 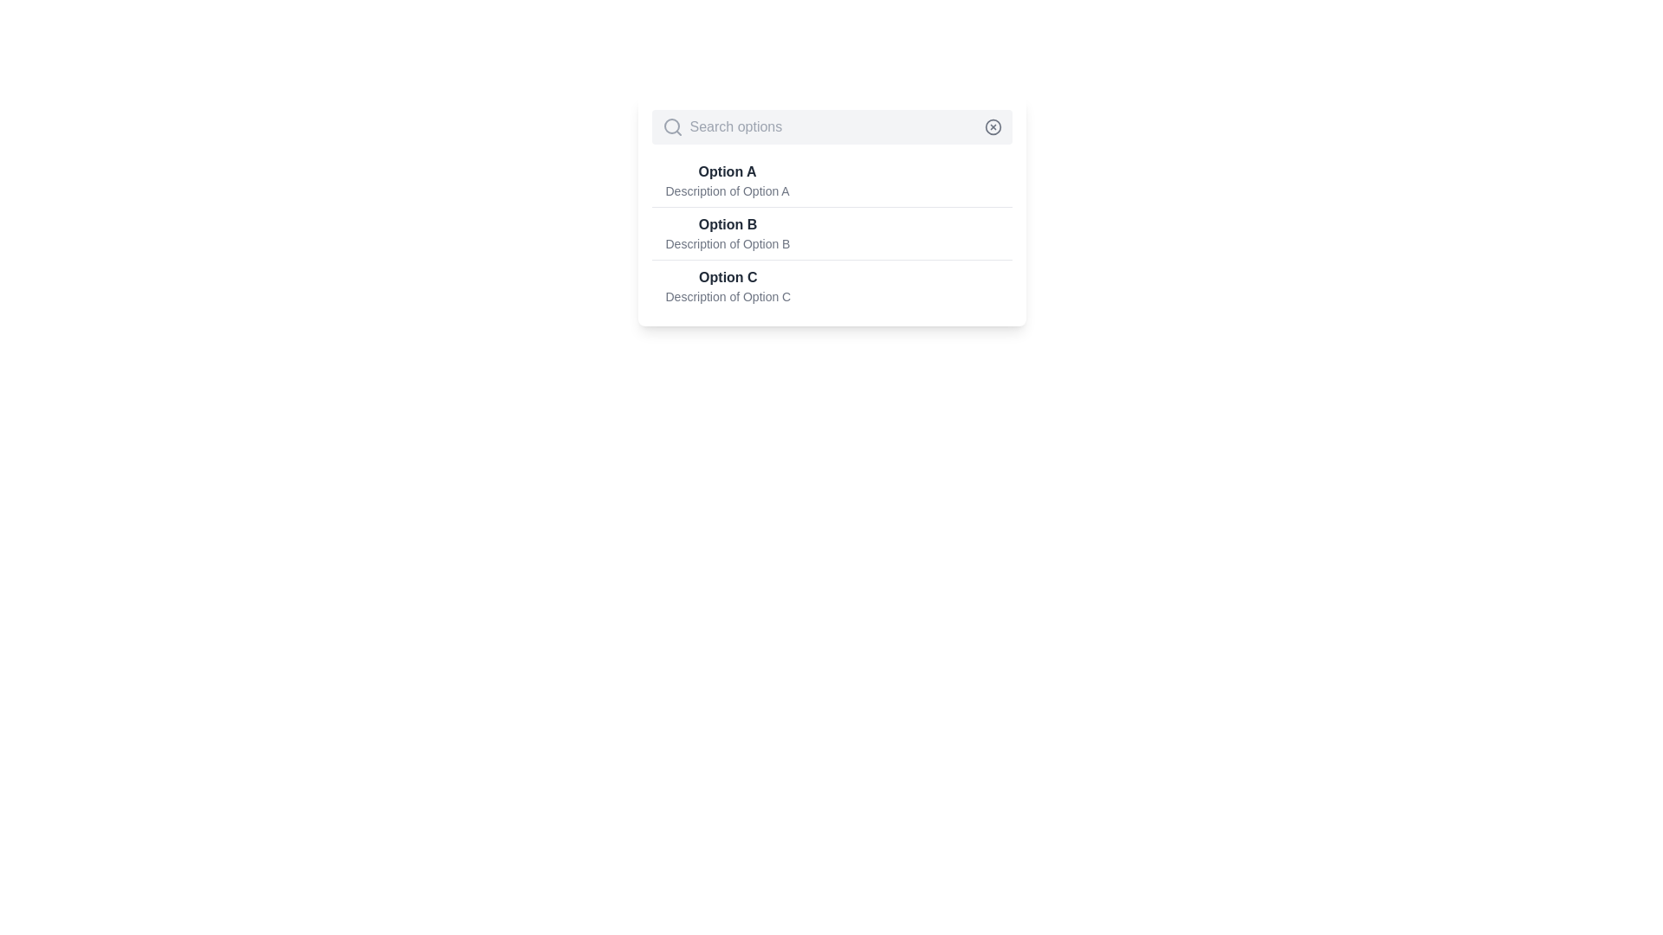 I want to click on the 'Option C' text label element, which is styled with a bold font and is the third option within the dropdown list, positioned between 'Option B' and its description, so click(x=728, y=276).